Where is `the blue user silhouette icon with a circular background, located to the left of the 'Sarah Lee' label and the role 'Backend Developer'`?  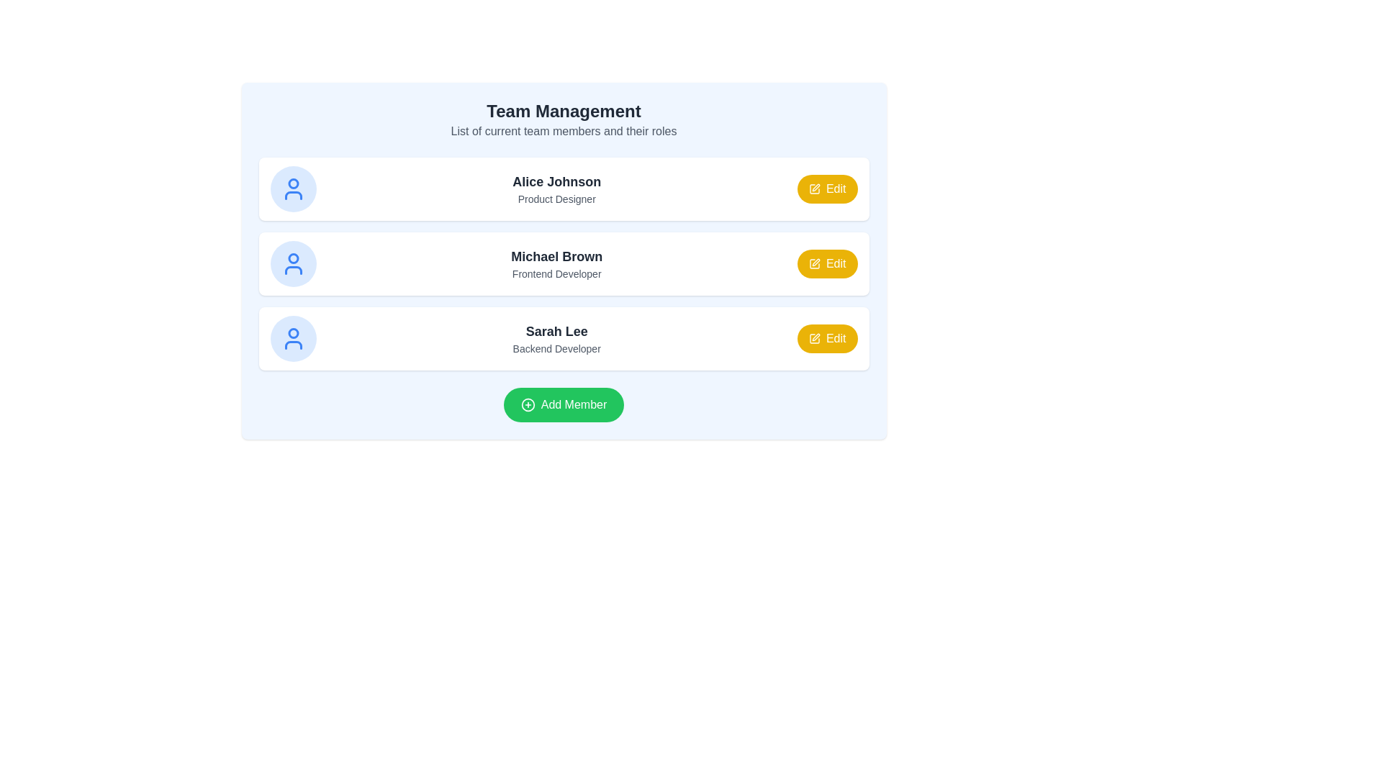 the blue user silhouette icon with a circular background, located to the left of the 'Sarah Lee' label and the role 'Backend Developer' is located at coordinates (292, 338).